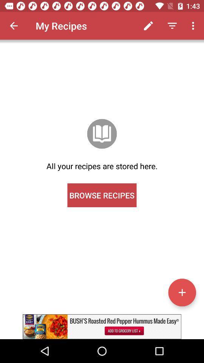 The height and width of the screenshot is (363, 204). I want to click on the add icon, so click(182, 292).